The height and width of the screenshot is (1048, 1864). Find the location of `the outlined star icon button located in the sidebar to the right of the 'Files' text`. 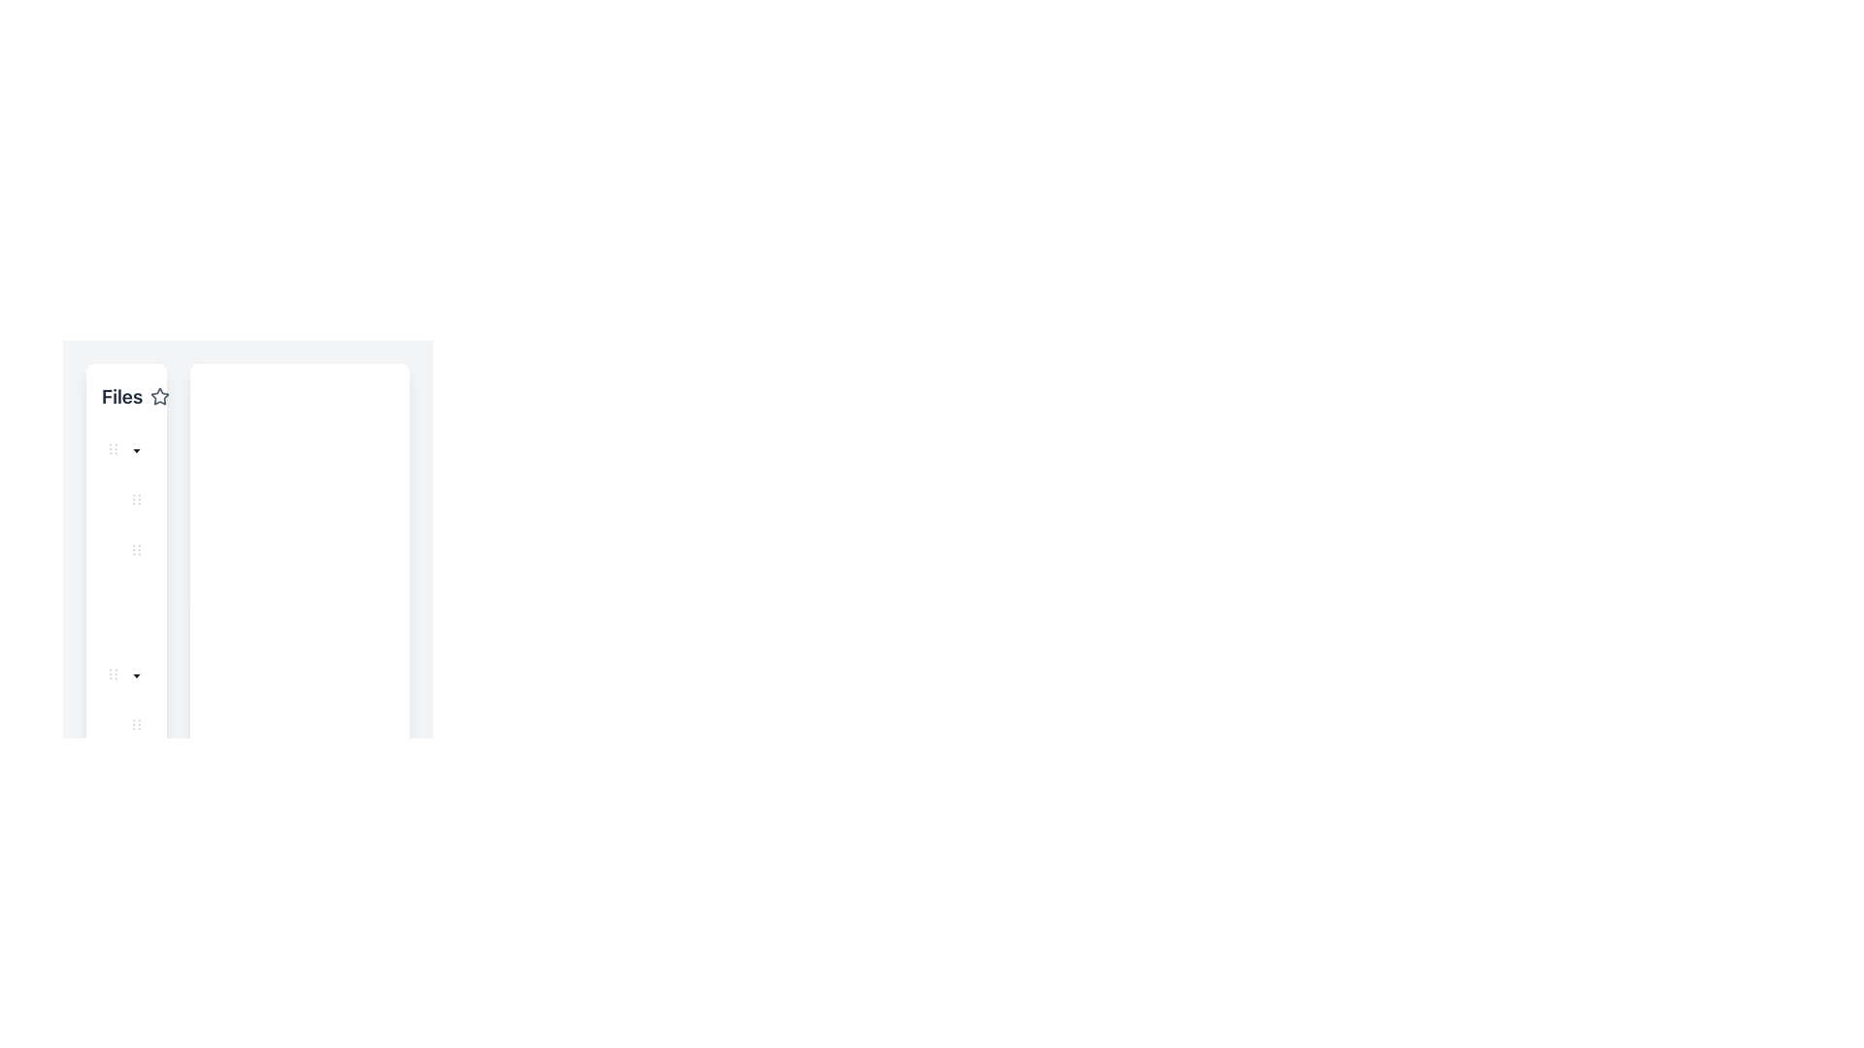

the outlined star icon button located in the sidebar to the right of the 'Files' text is located at coordinates (160, 395).